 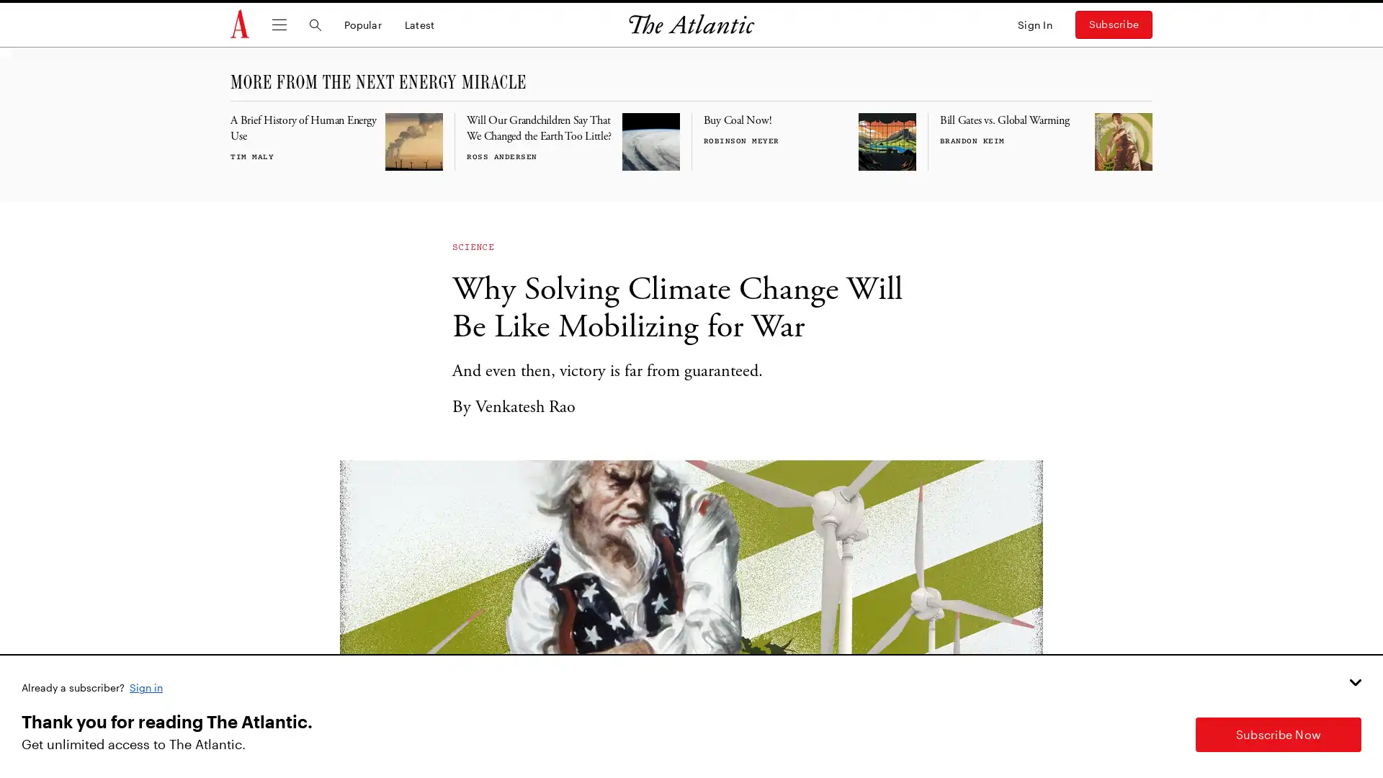 What do you see at coordinates (147, 686) in the screenshot?
I see `Sign in` at bounding box center [147, 686].